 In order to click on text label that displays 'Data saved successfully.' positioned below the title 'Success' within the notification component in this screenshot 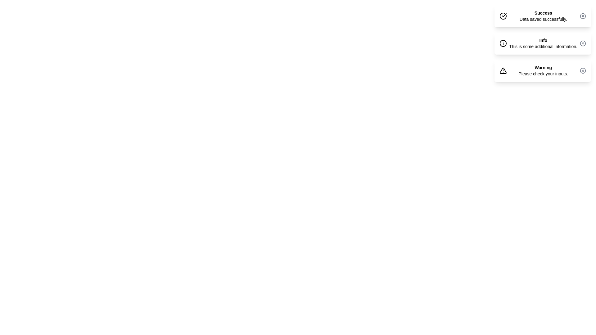, I will do `click(543, 19)`.